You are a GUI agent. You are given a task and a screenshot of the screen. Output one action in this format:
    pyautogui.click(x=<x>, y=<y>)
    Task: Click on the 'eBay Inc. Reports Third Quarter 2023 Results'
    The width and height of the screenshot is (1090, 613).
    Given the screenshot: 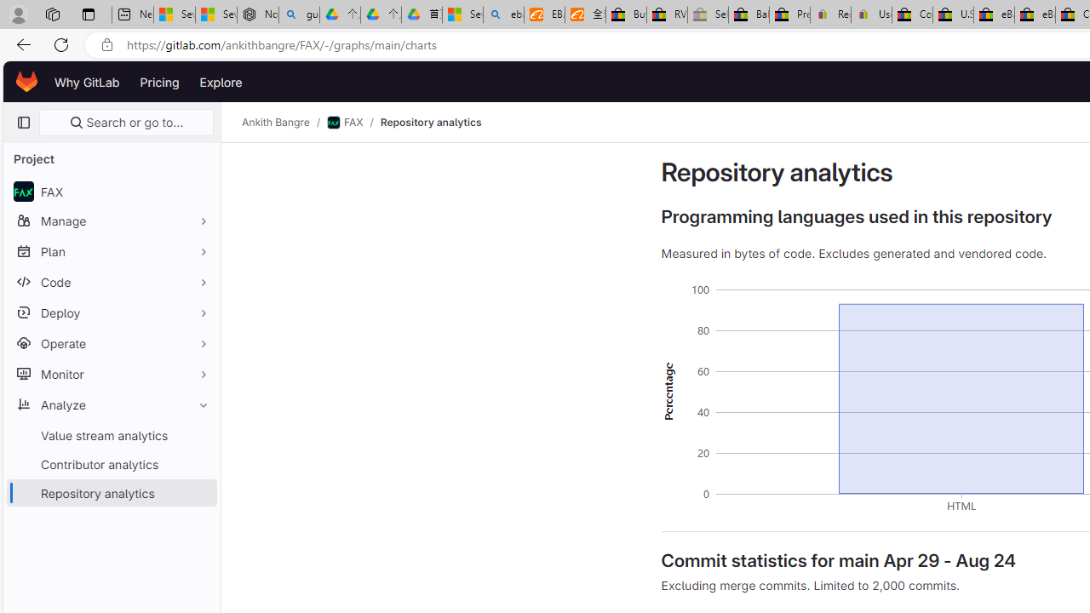 What is the action you would take?
    pyautogui.click(x=1034, y=14)
    